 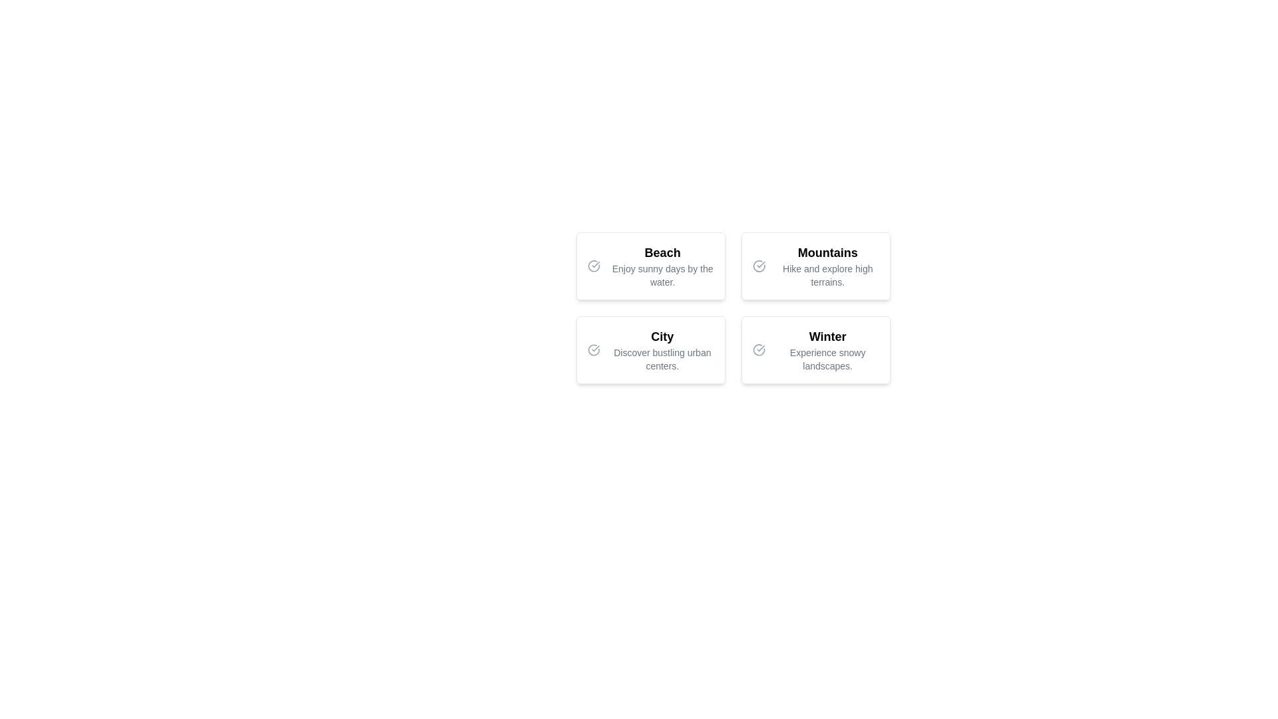 I want to click on descriptive text label providing additional information about the 'Beach' option, which is located below the header 'Beach' within a rectangular card in the upper-left quadrant of a 2x2 grid layout, so click(x=662, y=274).